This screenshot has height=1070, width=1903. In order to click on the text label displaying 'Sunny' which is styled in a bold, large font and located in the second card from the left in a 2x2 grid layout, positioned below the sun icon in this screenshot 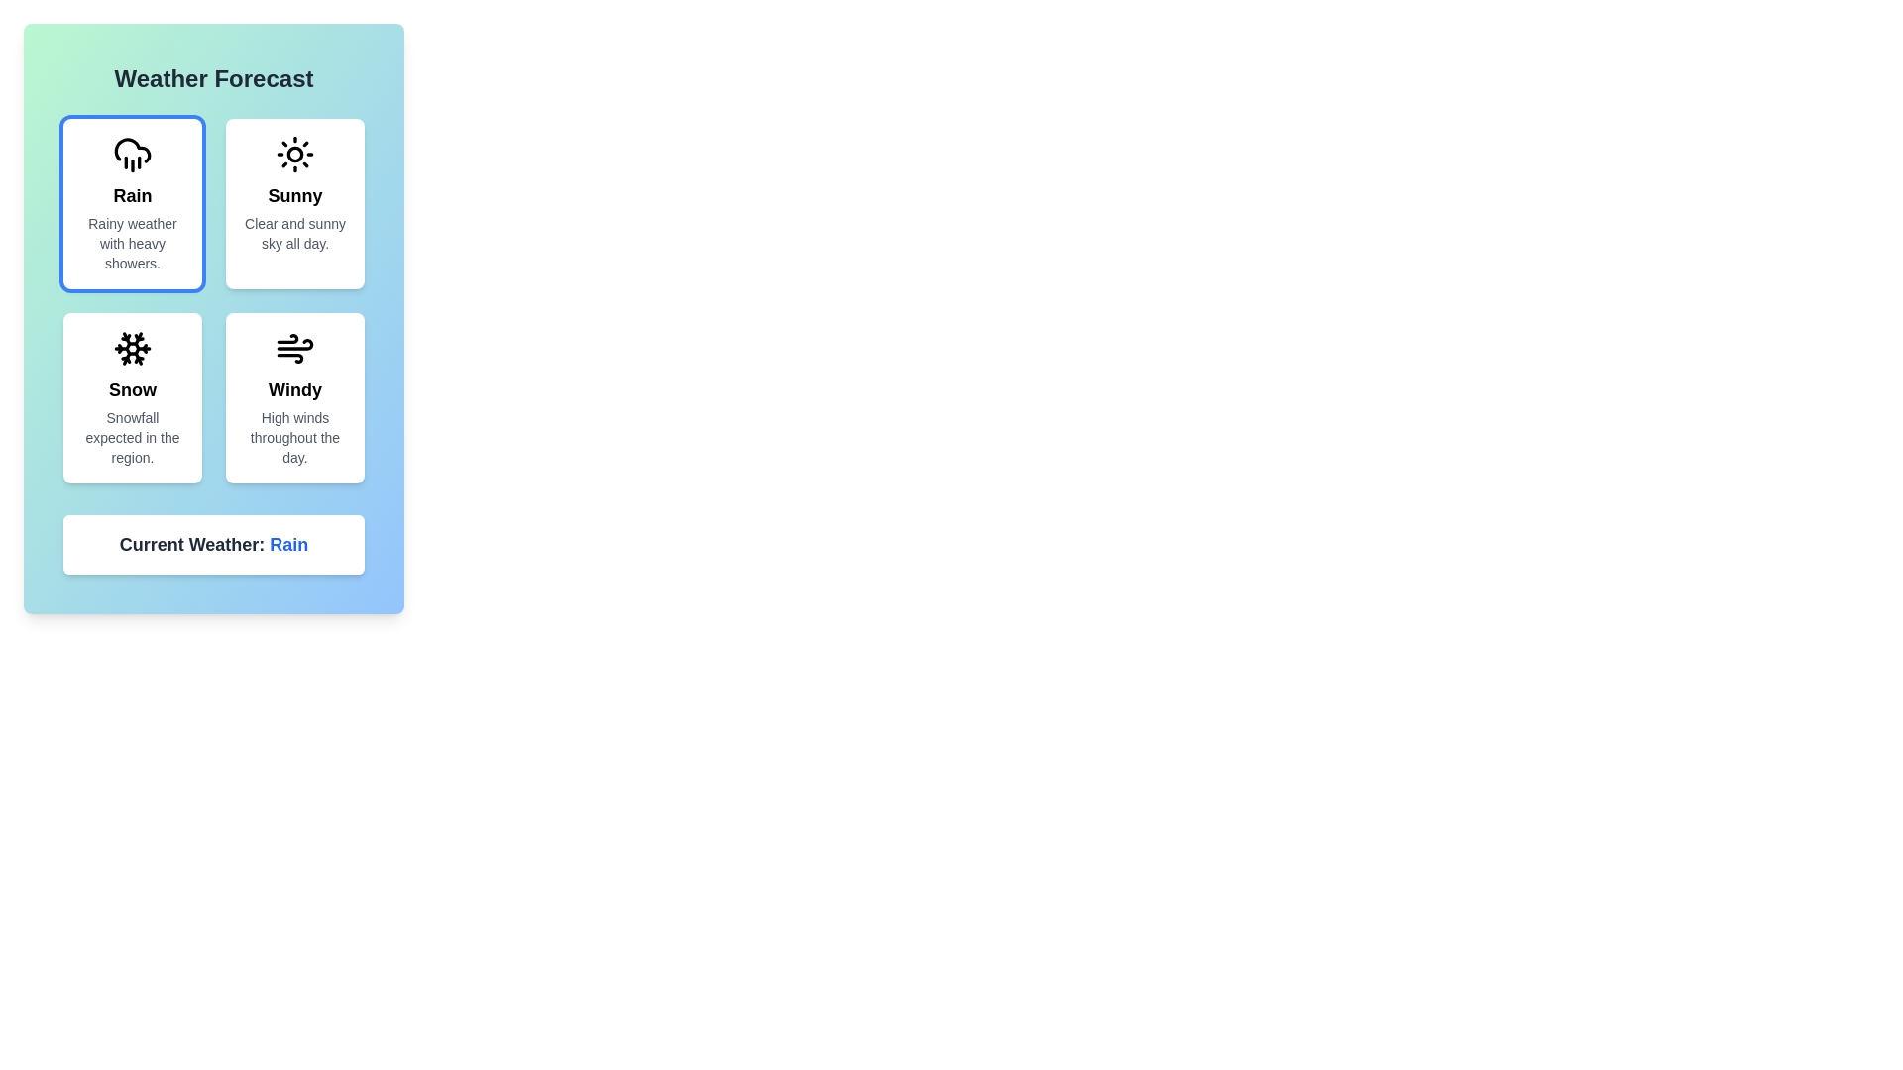, I will do `click(293, 195)`.